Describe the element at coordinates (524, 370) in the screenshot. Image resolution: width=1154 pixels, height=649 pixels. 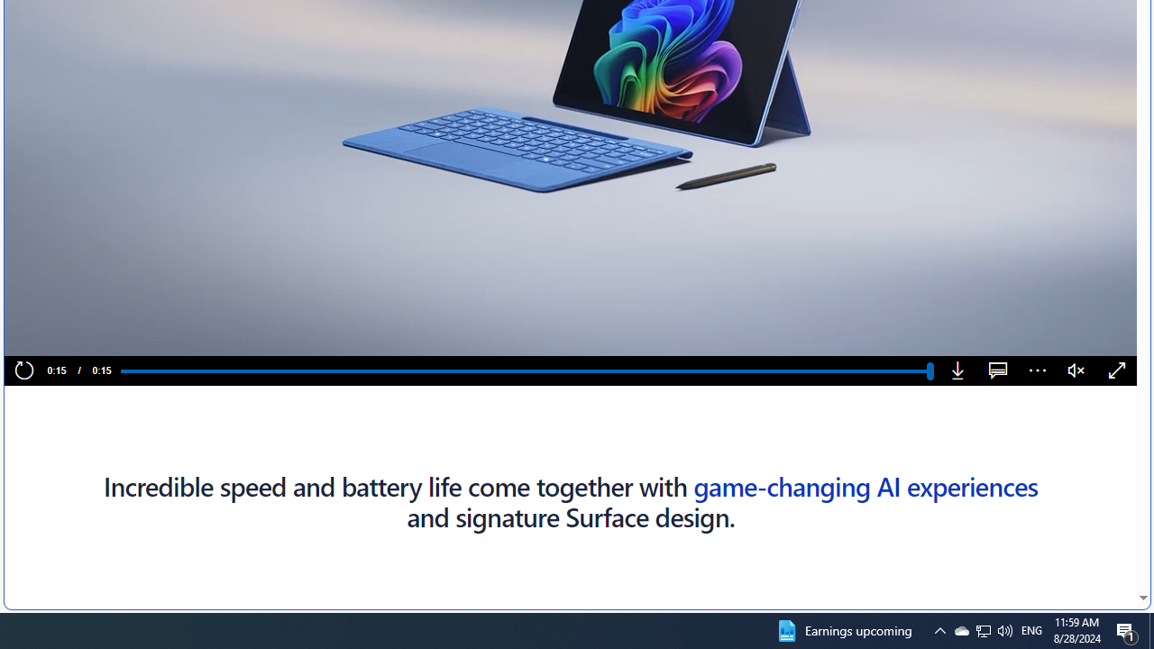
I see `'Progress Bar'` at that location.